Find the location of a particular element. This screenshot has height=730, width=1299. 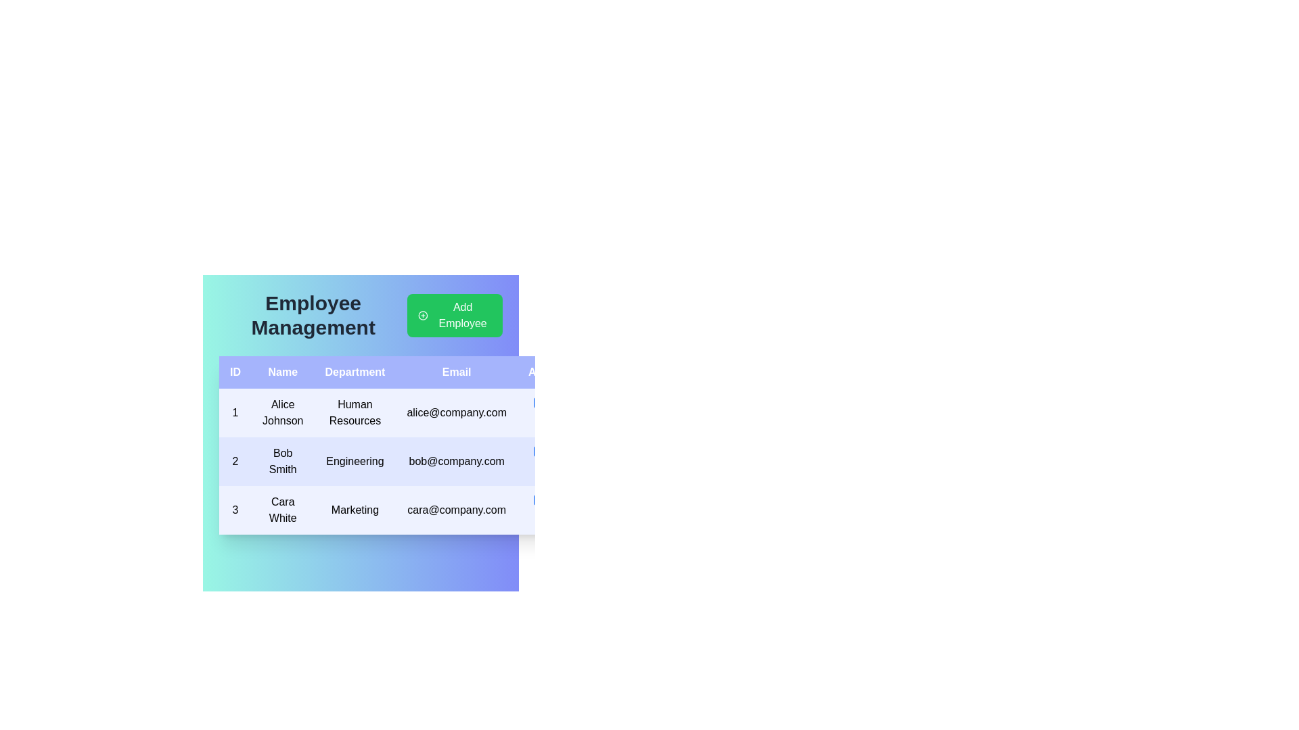

the Text Display element that shows the email 'cara@company.com' in the fourth column of the data table for 'Cara White' in the 'Marketing' department is located at coordinates (457, 510).